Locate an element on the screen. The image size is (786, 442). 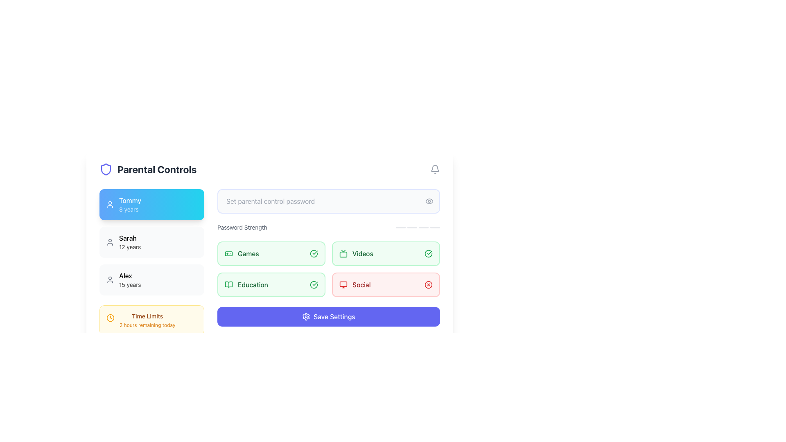
to select the user profile summary displaying 'Alex' and their age, which is the third item in the vertical list on the left side of the interface is located at coordinates (129, 279).